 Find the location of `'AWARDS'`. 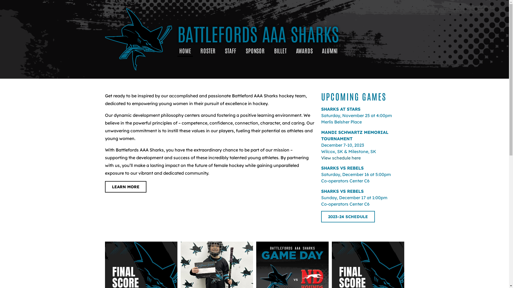

'AWARDS' is located at coordinates (294, 50).